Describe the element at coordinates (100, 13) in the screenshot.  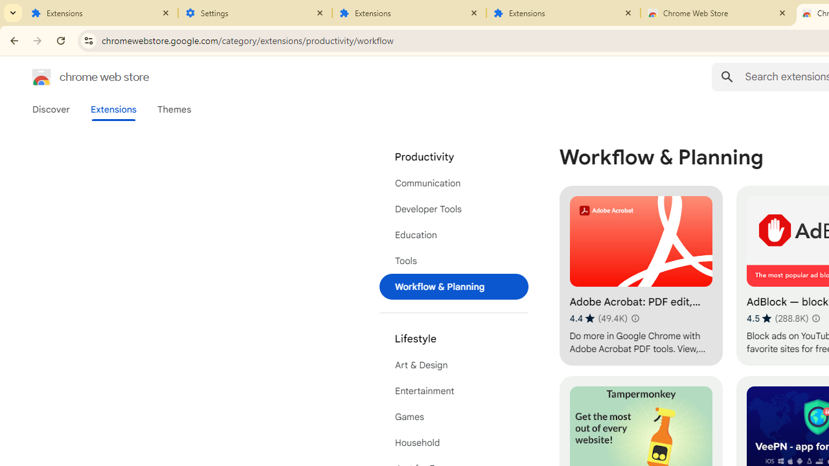
I see `'Extensions'` at that location.